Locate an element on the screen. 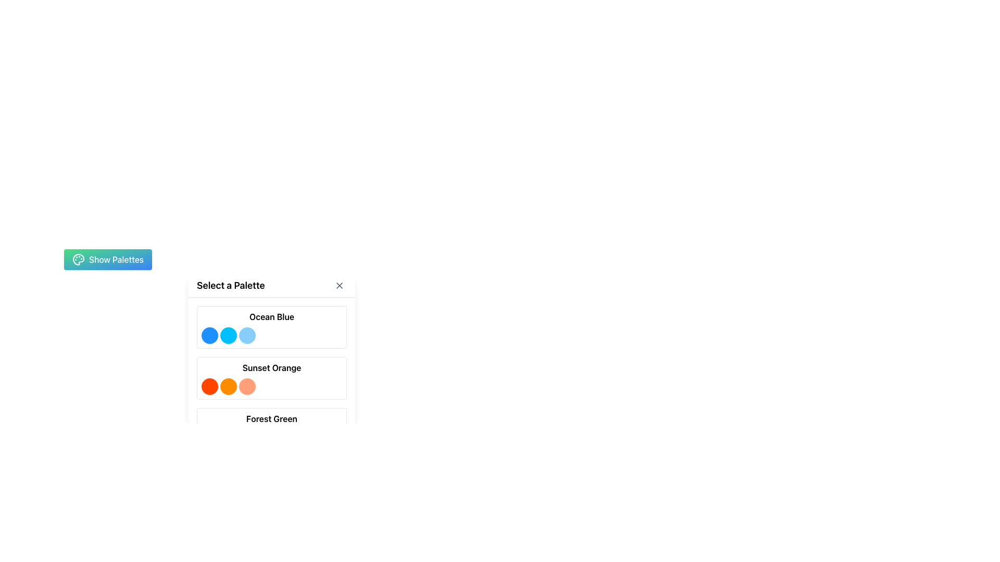  the color palette represented by three distinct blue shades (dark blue, medium blue, light blue) under the 'Ocean Blue' section is located at coordinates (272, 335).